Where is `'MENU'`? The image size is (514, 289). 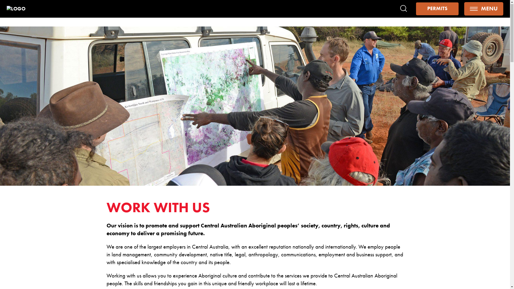
'MENU' is located at coordinates (483, 9).